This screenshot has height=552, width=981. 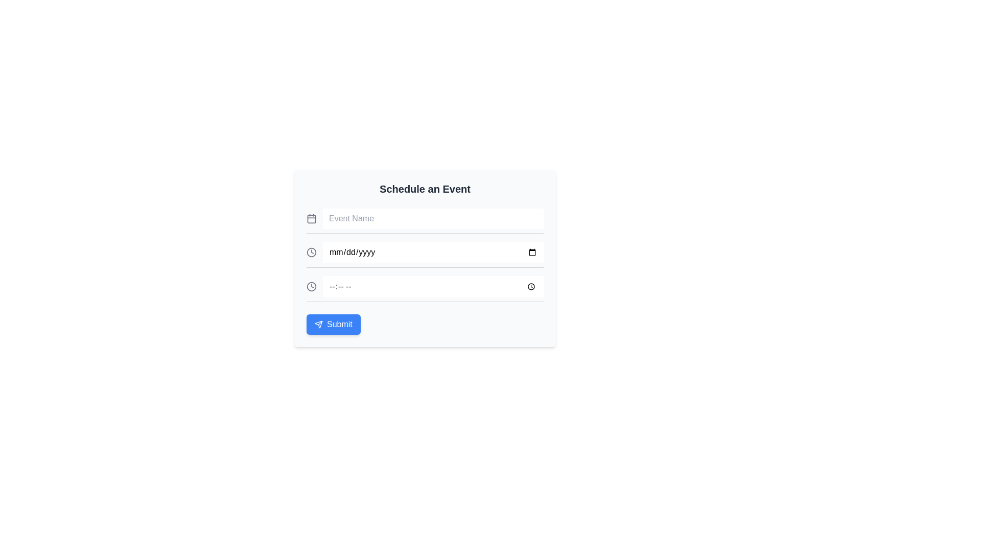 I want to click on the graphical component within the calendar icon that is adjacent to the 'Event Name' input field, so click(x=311, y=218).